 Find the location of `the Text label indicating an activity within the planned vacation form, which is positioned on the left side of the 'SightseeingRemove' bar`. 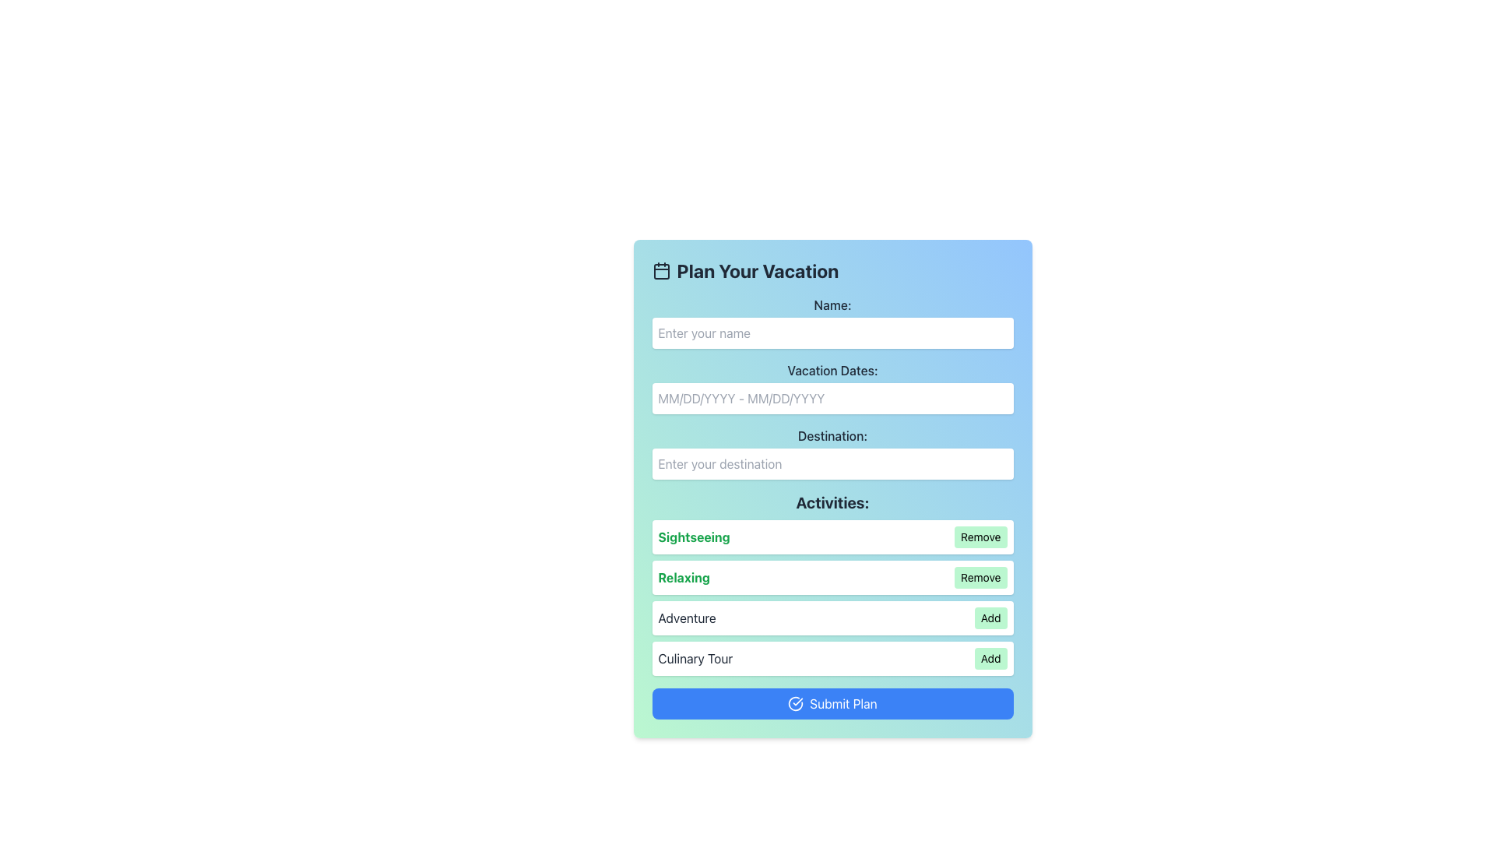

the Text label indicating an activity within the planned vacation form, which is positioned on the left side of the 'SightseeingRemove' bar is located at coordinates (693, 537).